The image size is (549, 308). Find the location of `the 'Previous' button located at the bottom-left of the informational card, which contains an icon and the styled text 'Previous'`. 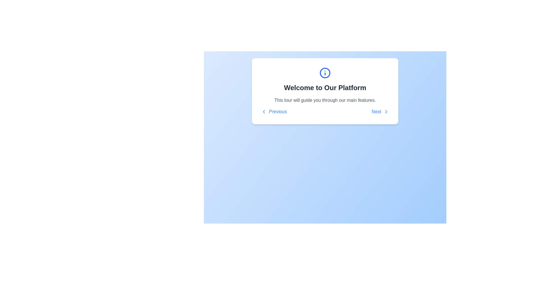

the 'Previous' button located at the bottom-left of the informational card, which contains an icon and the styled text 'Previous' is located at coordinates (274, 112).